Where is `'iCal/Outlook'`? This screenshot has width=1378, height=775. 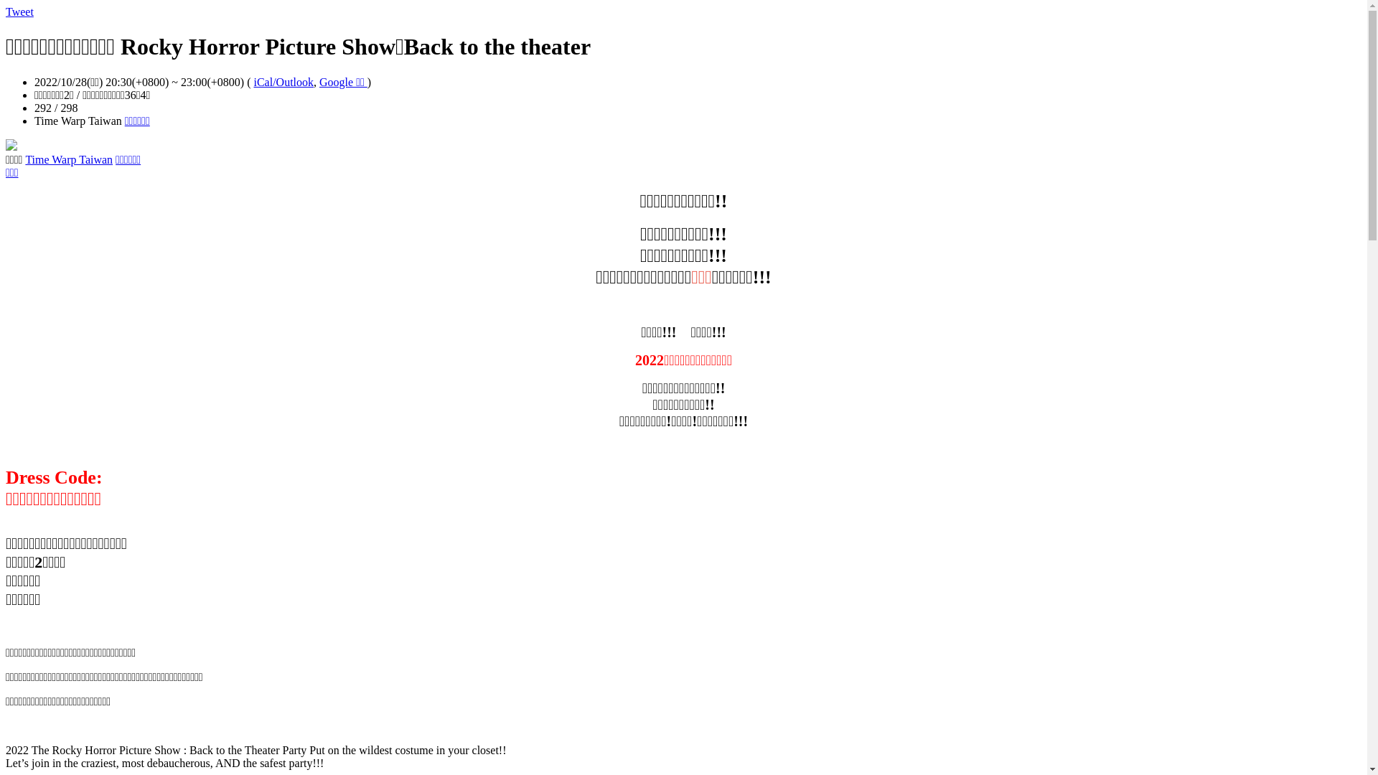 'iCal/Outlook' is located at coordinates (283, 82).